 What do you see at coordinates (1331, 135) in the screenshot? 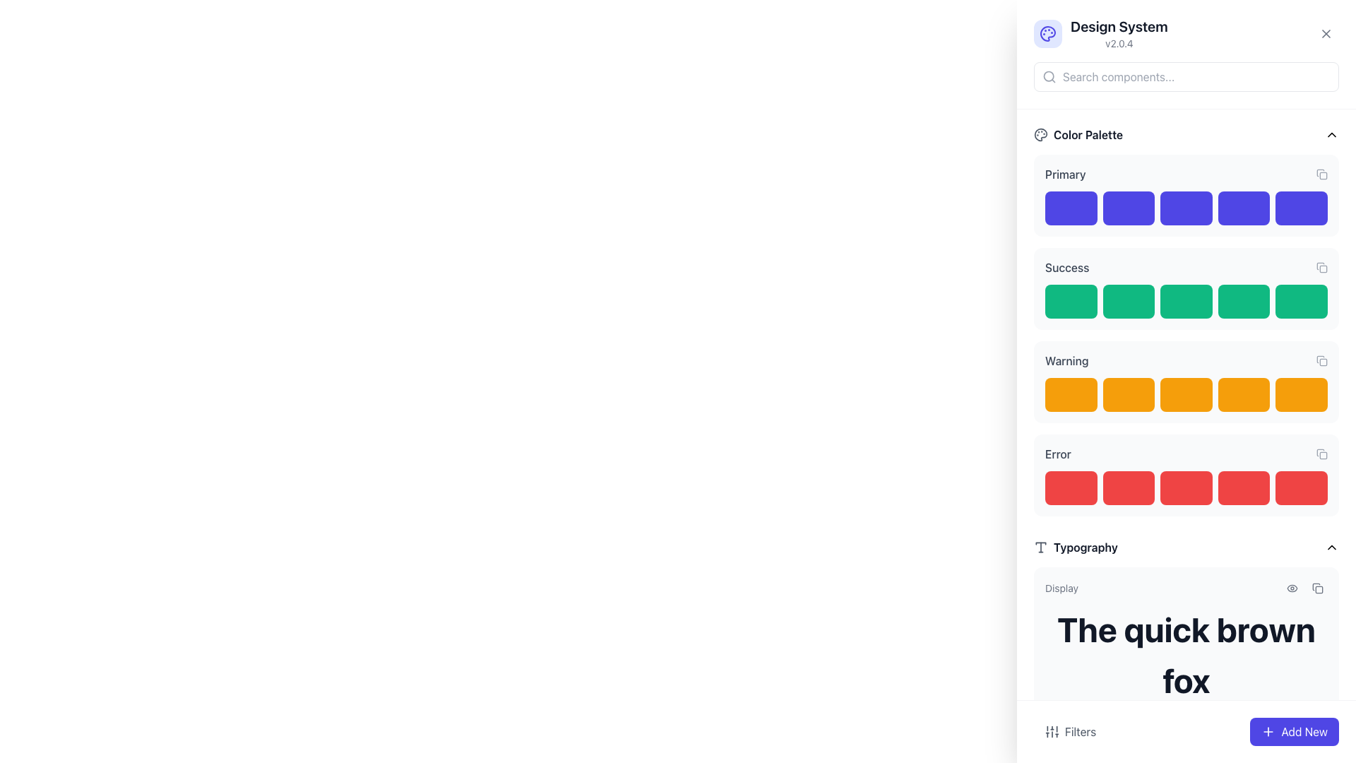
I see `the upward-pointing chevron arrow icon button located in the upper-right corner of the 'Color Palette' section header` at bounding box center [1331, 135].